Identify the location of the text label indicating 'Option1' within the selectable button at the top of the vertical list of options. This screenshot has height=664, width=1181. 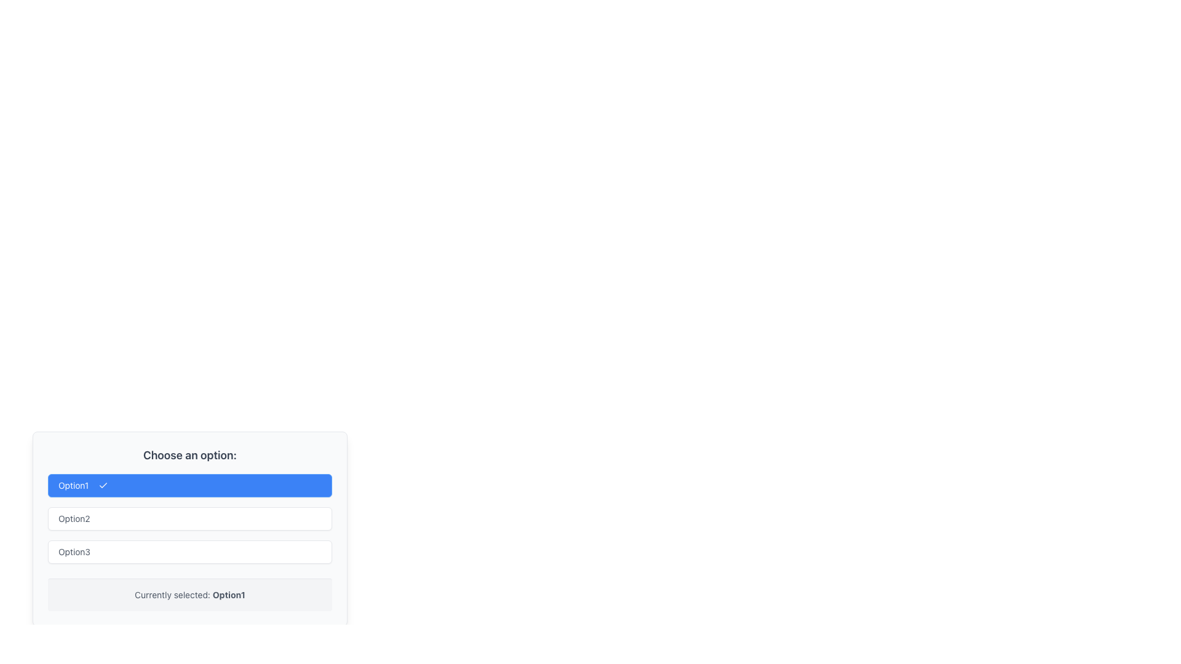
(73, 485).